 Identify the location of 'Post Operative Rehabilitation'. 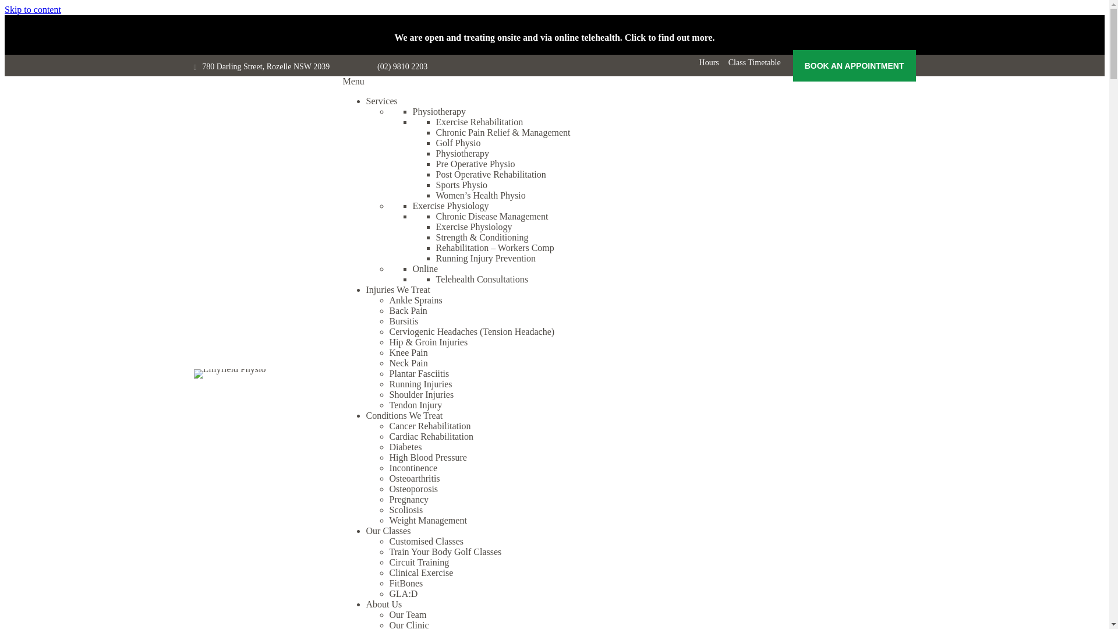
(490, 174).